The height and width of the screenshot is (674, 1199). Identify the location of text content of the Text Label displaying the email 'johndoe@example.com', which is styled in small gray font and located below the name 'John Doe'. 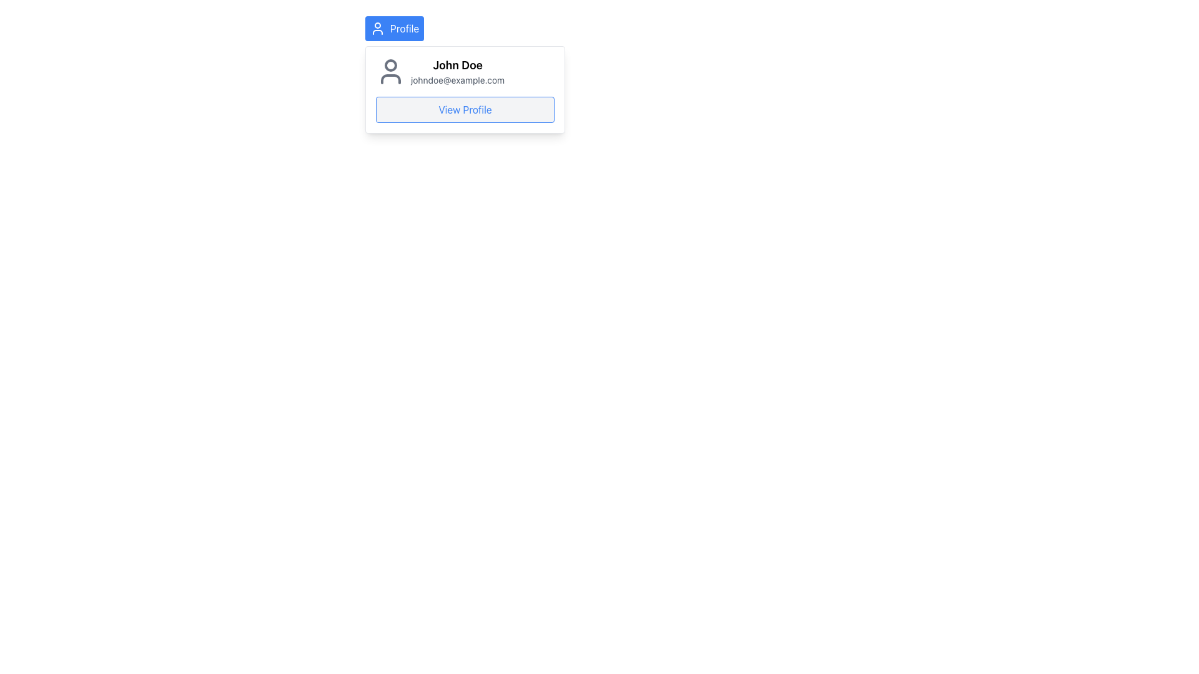
(457, 80).